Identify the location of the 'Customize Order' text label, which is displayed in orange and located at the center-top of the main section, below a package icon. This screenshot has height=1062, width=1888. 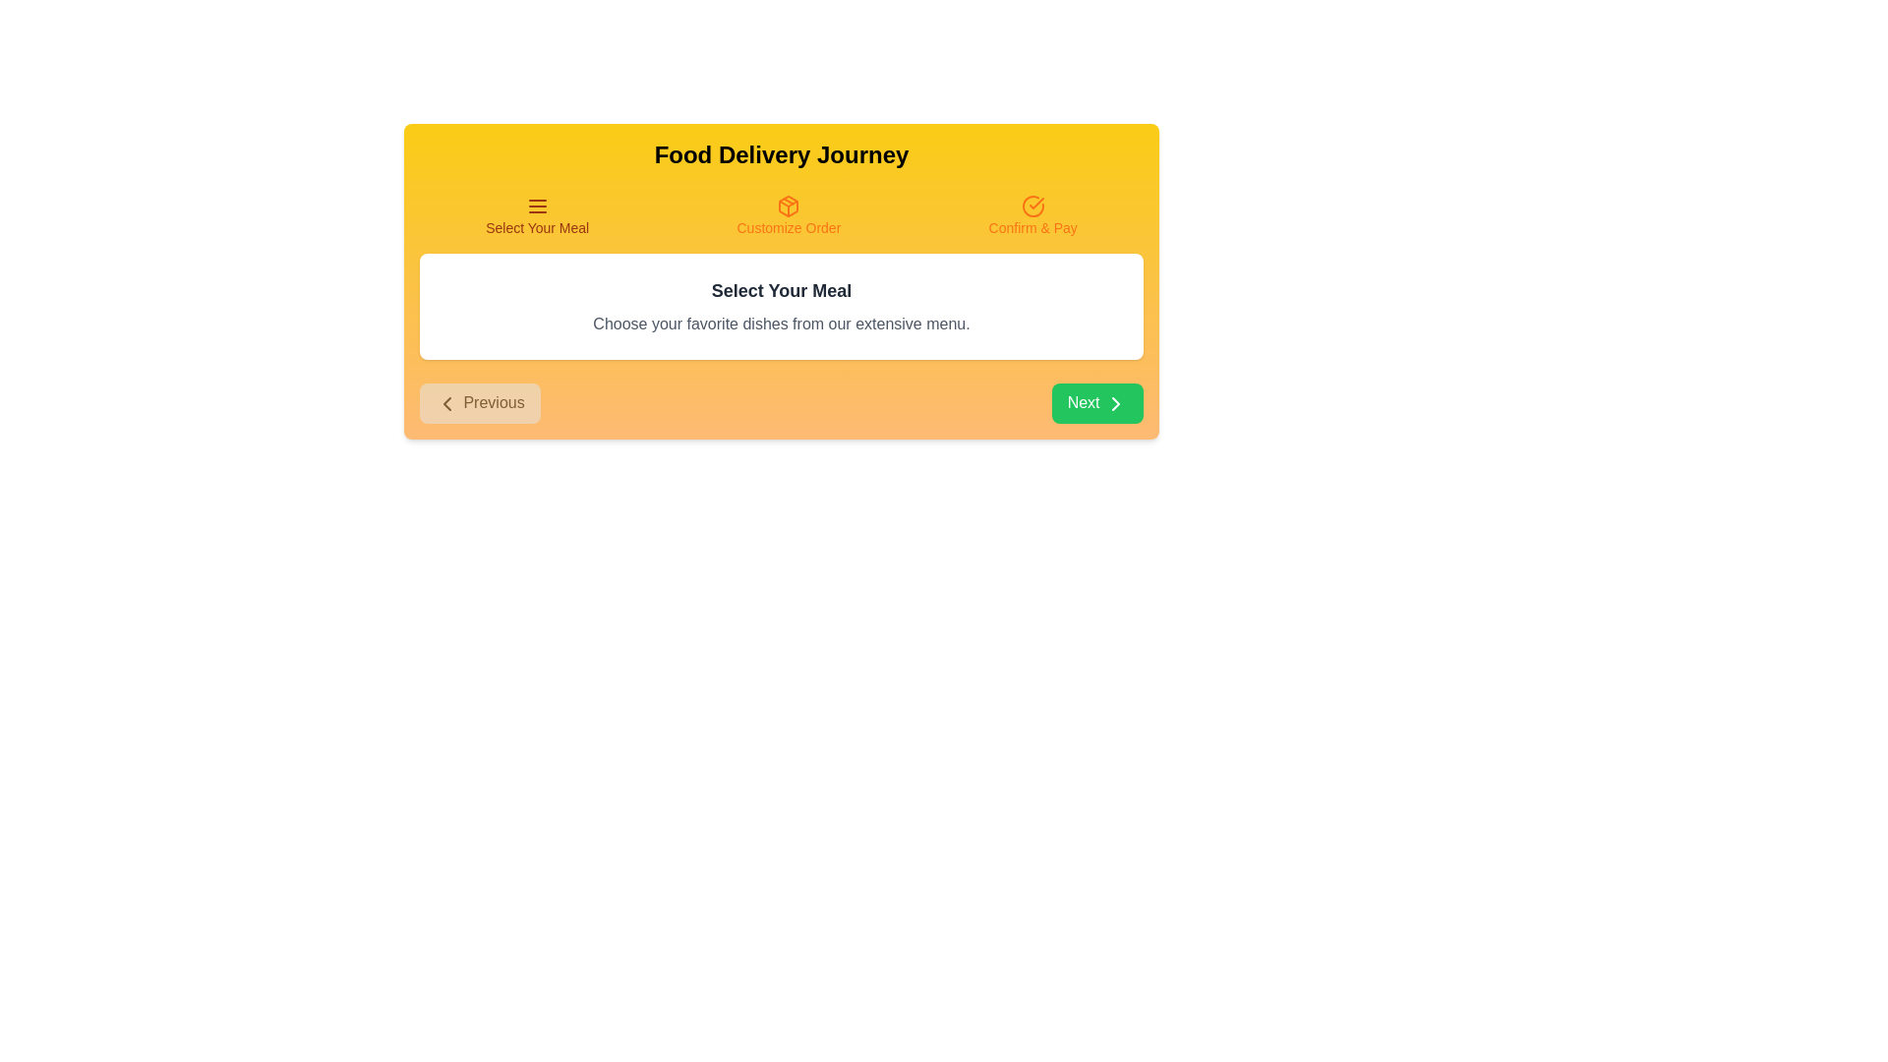
(789, 226).